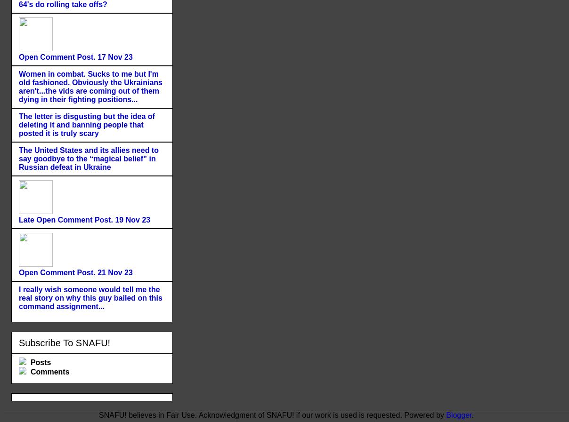 This screenshot has height=422, width=569. I want to click on 'Women in combat.  Sucks to me but I'm old fashioned.  Obviously the Ukrainians aren't...the vids are coming out of them dying in their fighting positions...', so click(90, 86).